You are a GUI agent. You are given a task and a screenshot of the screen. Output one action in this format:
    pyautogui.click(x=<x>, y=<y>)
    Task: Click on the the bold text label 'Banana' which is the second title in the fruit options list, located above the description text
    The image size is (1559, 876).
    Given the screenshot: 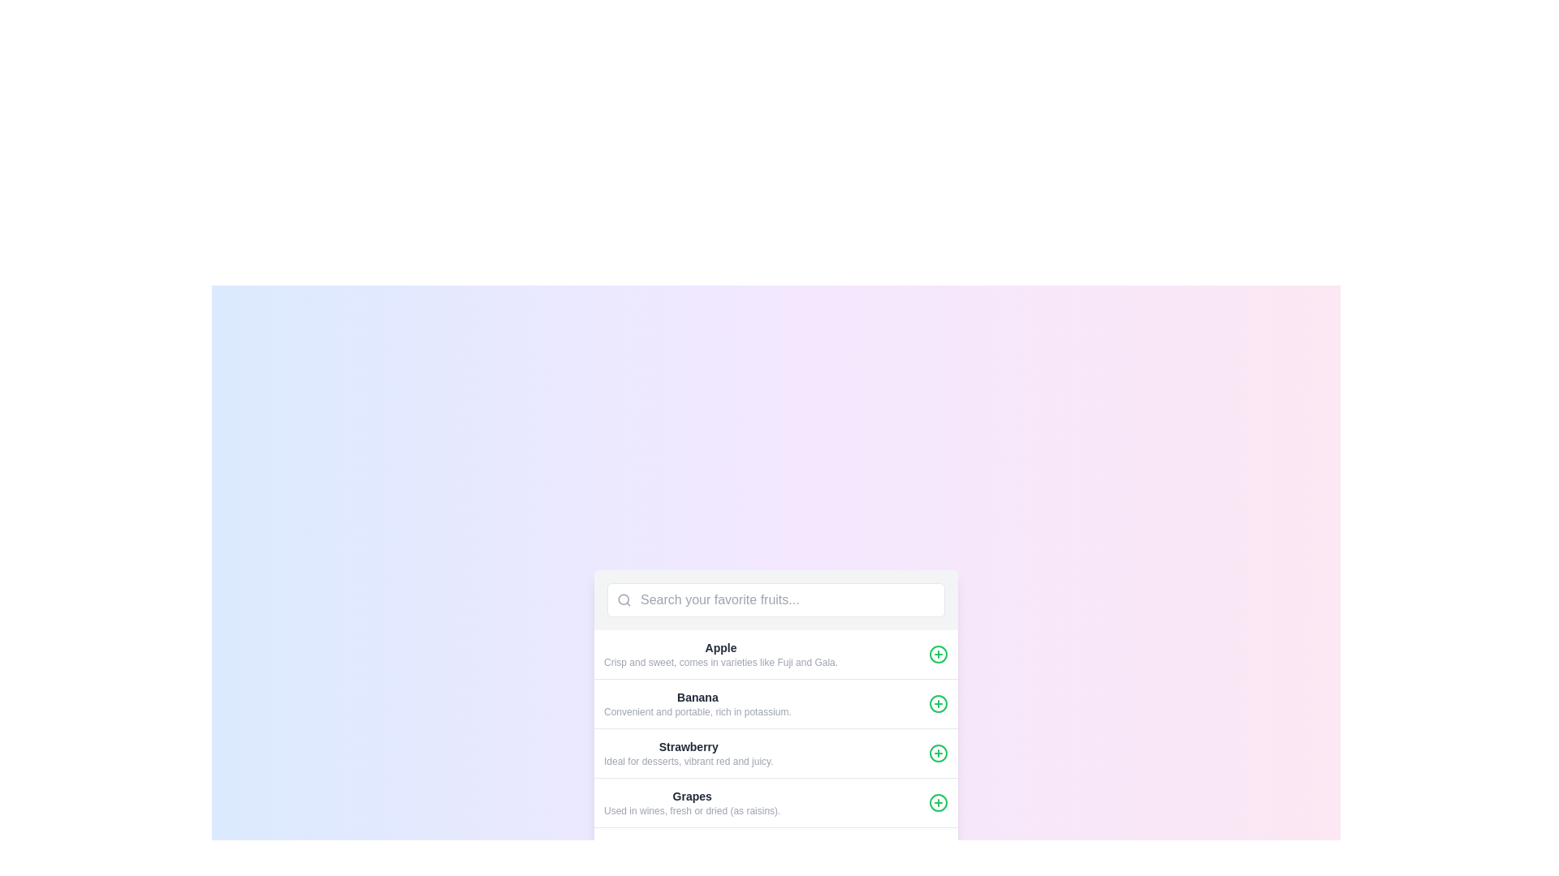 What is the action you would take?
    pyautogui.click(x=697, y=697)
    